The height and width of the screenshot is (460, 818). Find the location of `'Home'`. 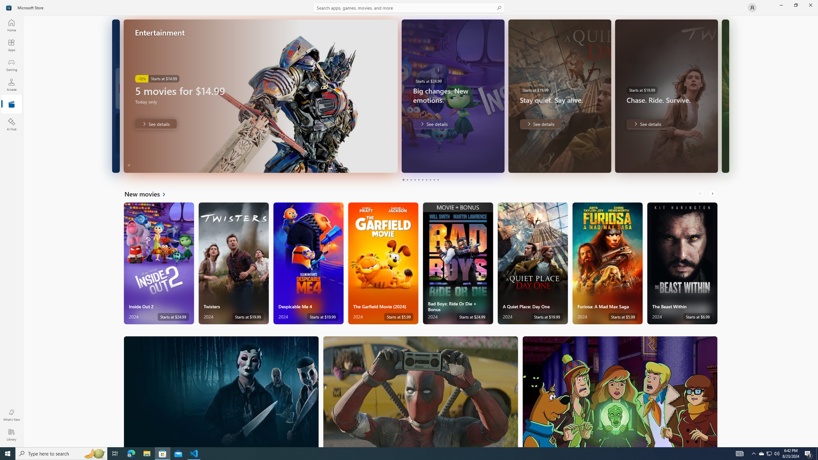

'Home' is located at coordinates (11, 25).